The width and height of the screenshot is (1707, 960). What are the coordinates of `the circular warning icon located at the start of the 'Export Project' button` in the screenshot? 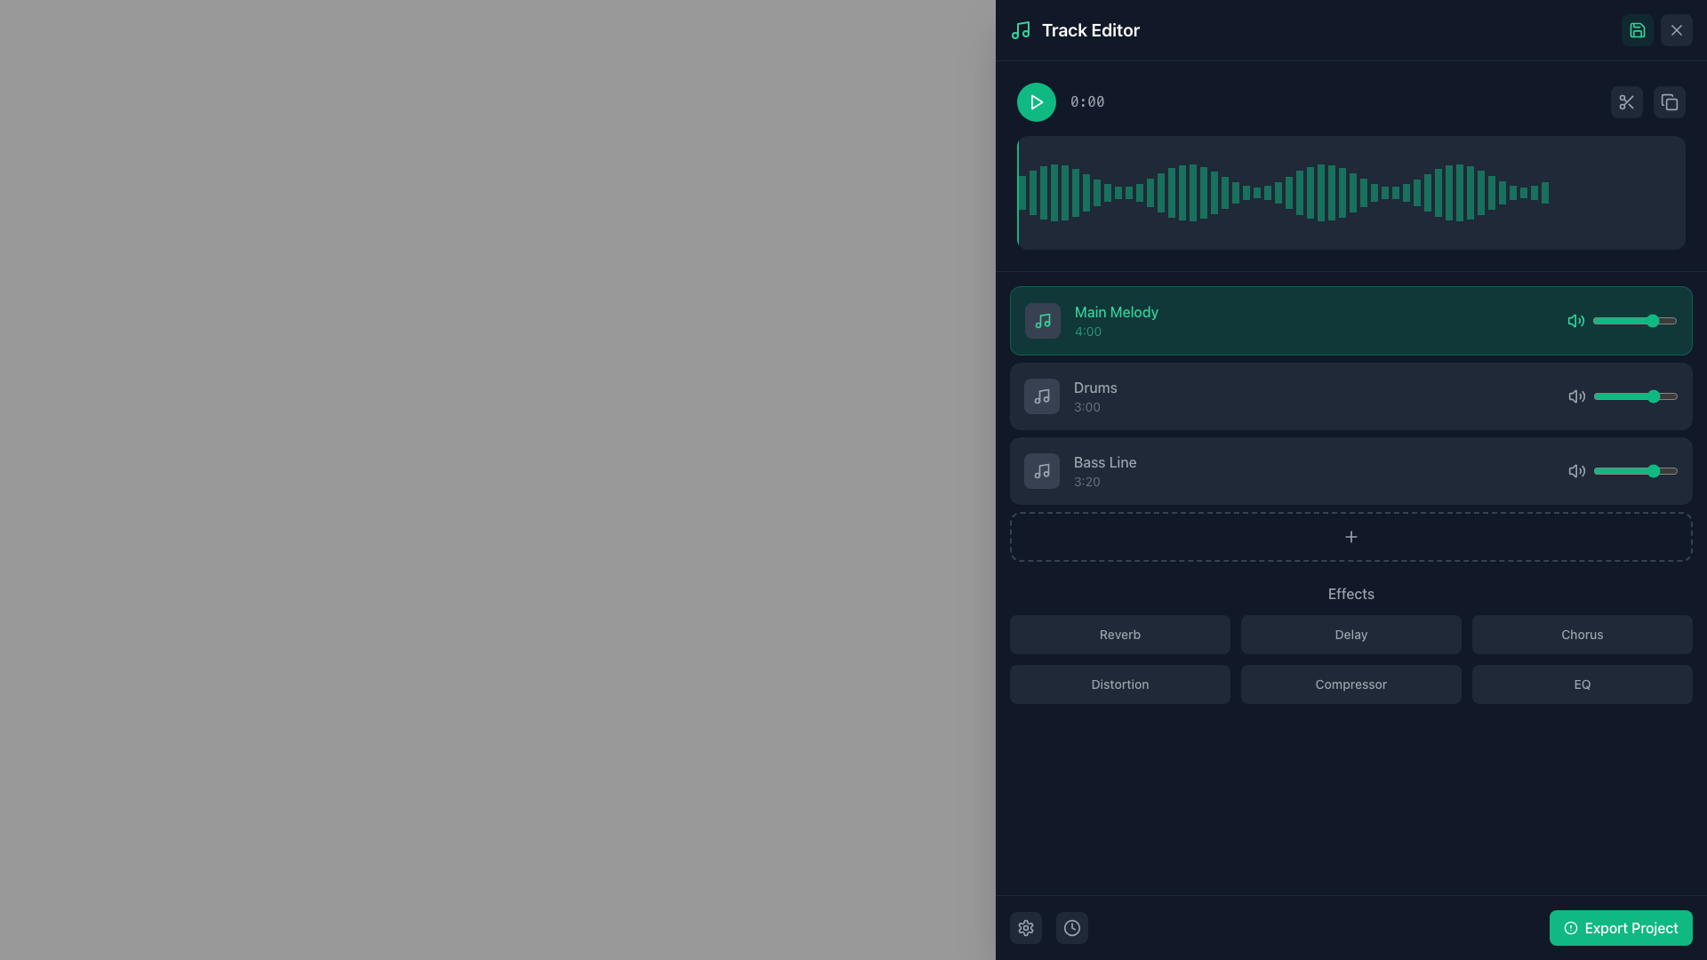 It's located at (1570, 927).